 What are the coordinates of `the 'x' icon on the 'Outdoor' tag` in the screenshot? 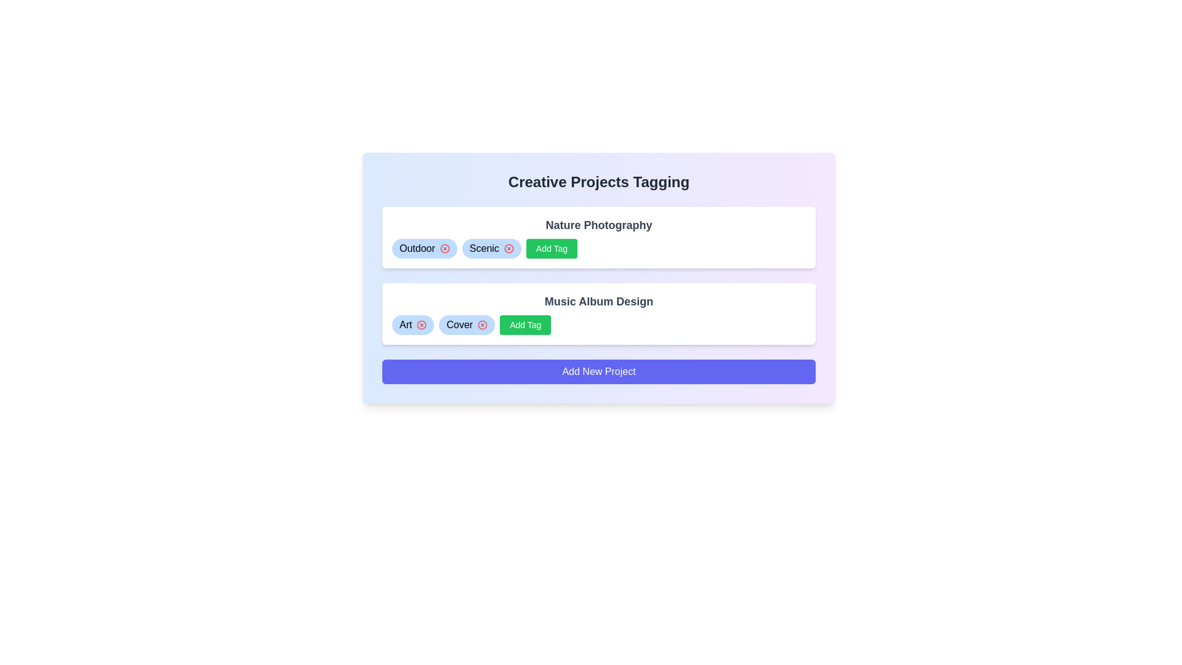 It's located at (424, 249).